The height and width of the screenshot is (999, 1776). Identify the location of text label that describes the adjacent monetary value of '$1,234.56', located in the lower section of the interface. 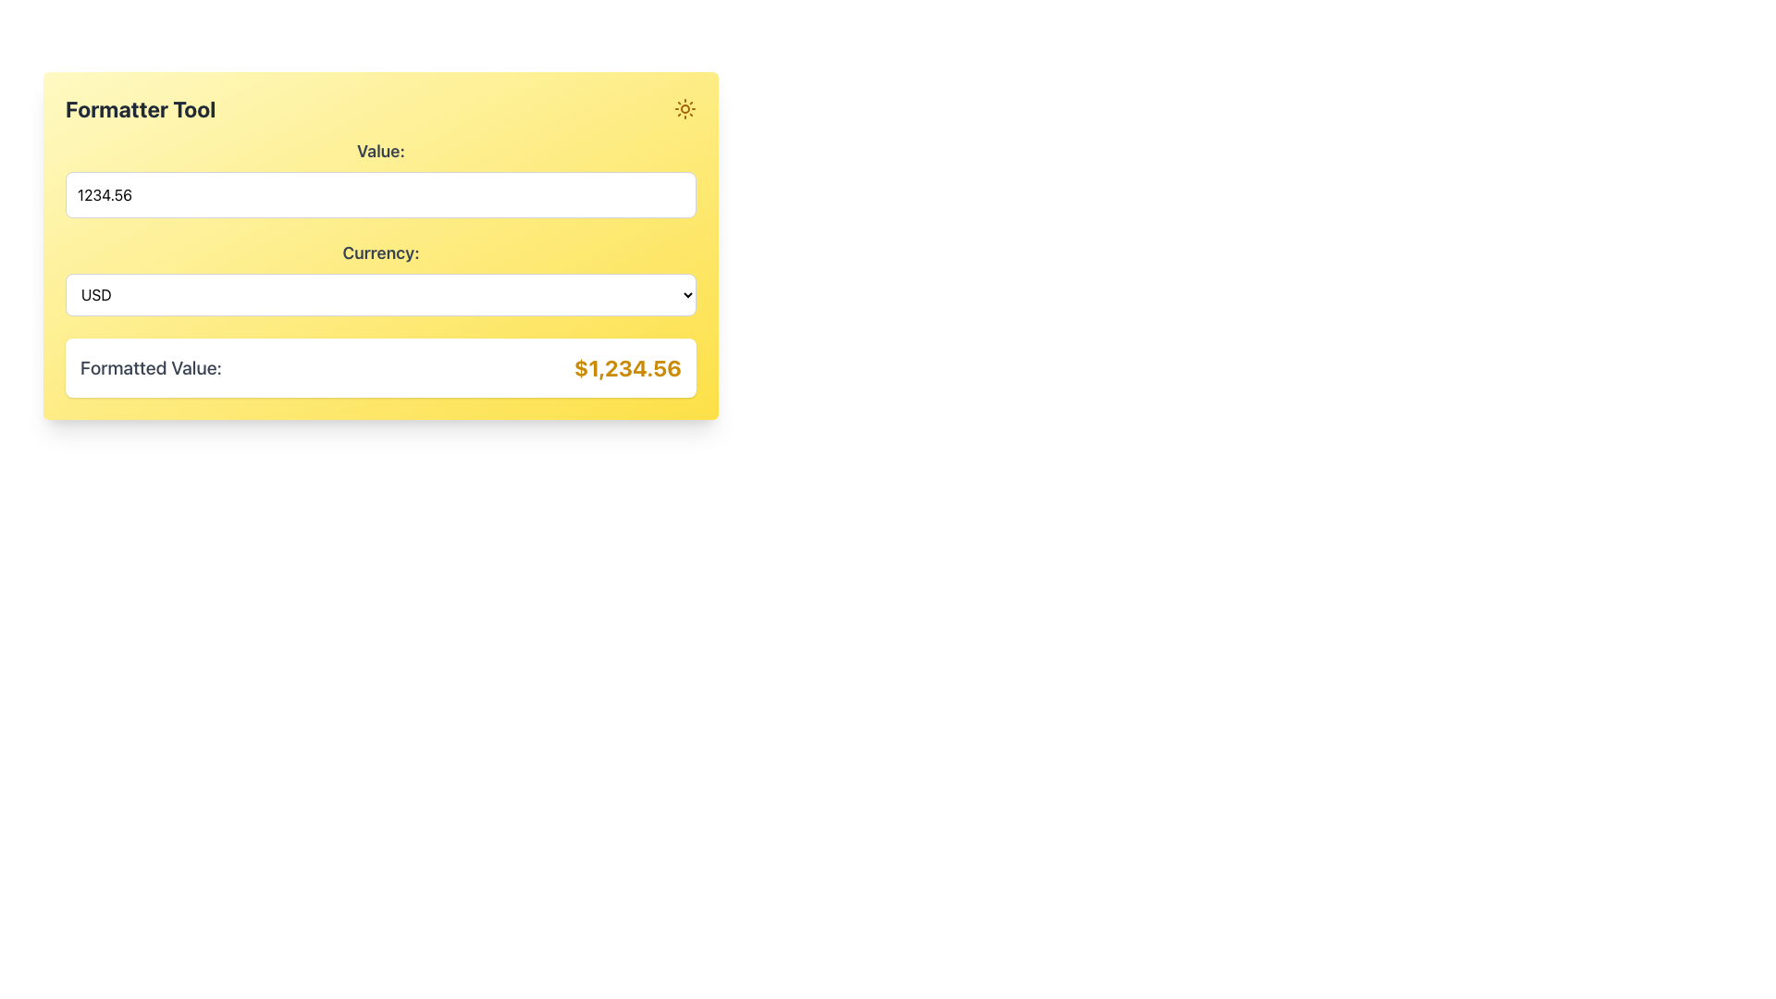
(151, 367).